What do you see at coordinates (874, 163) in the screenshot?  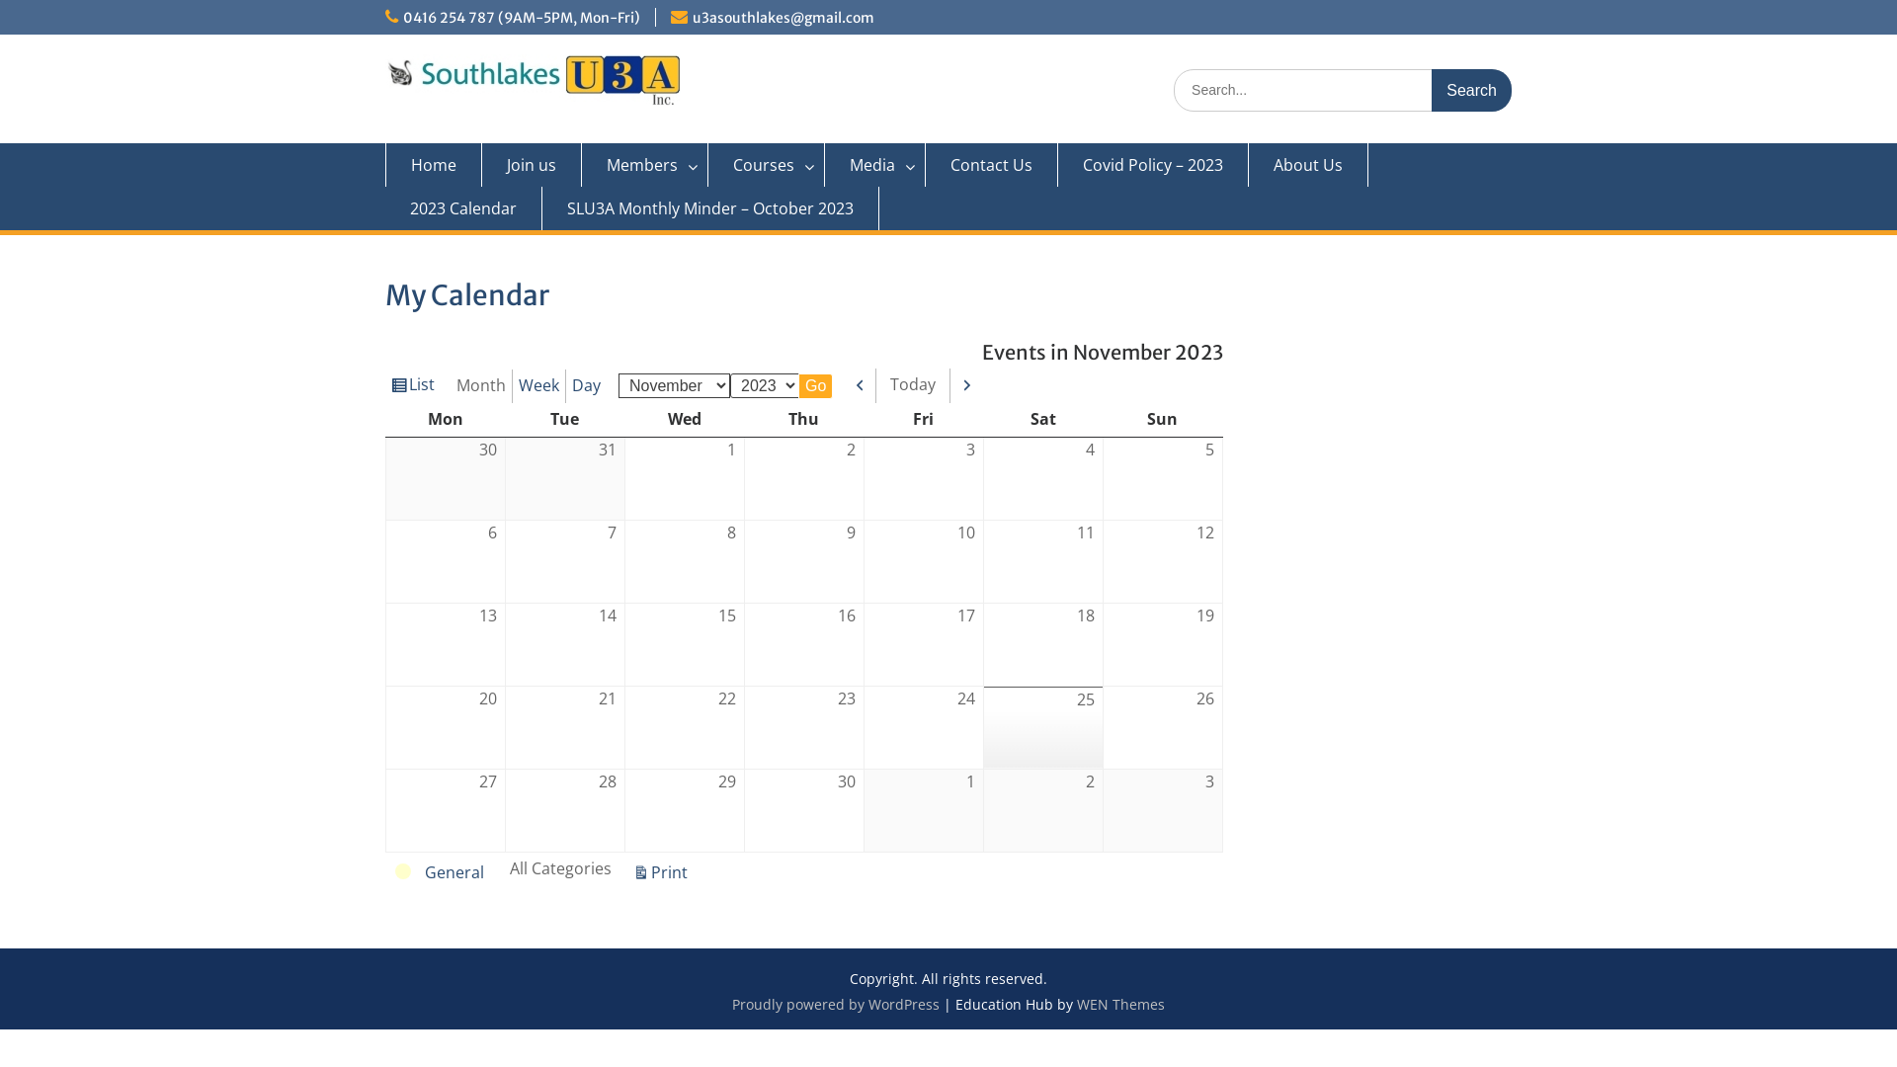 I see `'Media'` at bounding box center [874, 163].